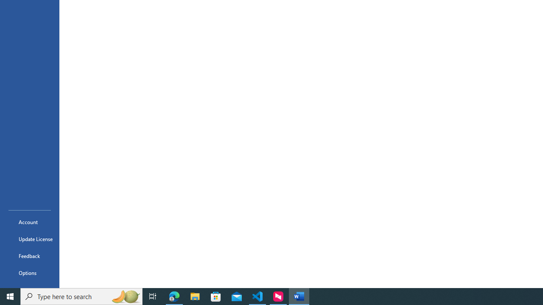 Image resolution: width=543 pixels, height=305 pixels. What do you see at coordinates (29, 239) in the screenshot?
I see `'Update License'` at bounding box center [29, 239].